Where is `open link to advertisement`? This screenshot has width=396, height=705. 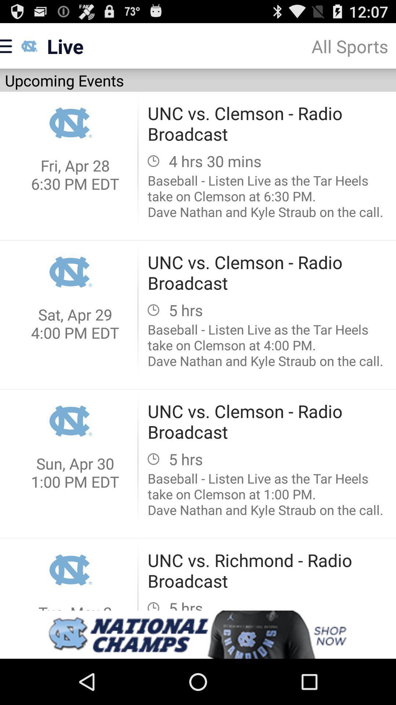
open link to advertisement is located at coordinates (198, 634).